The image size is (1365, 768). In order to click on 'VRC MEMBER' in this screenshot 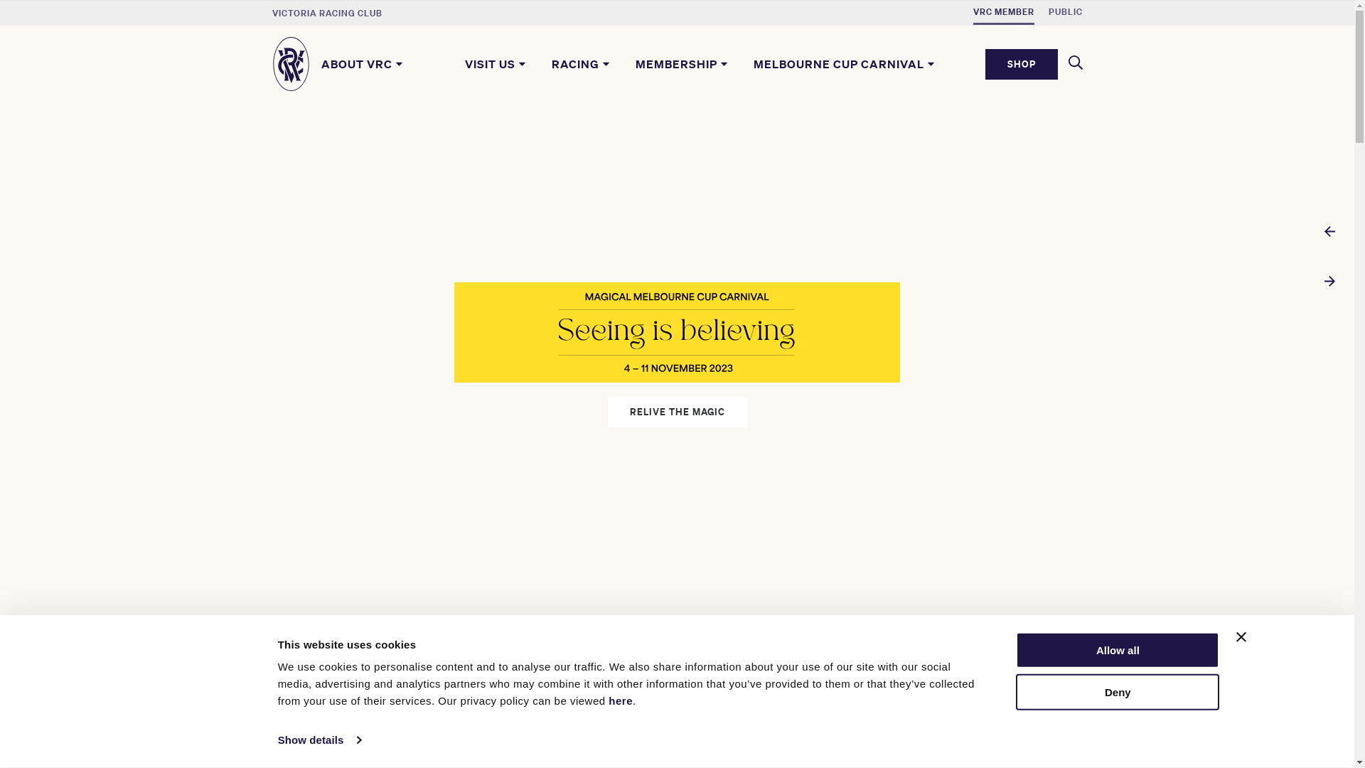, I will do `click(1002, 13)`.